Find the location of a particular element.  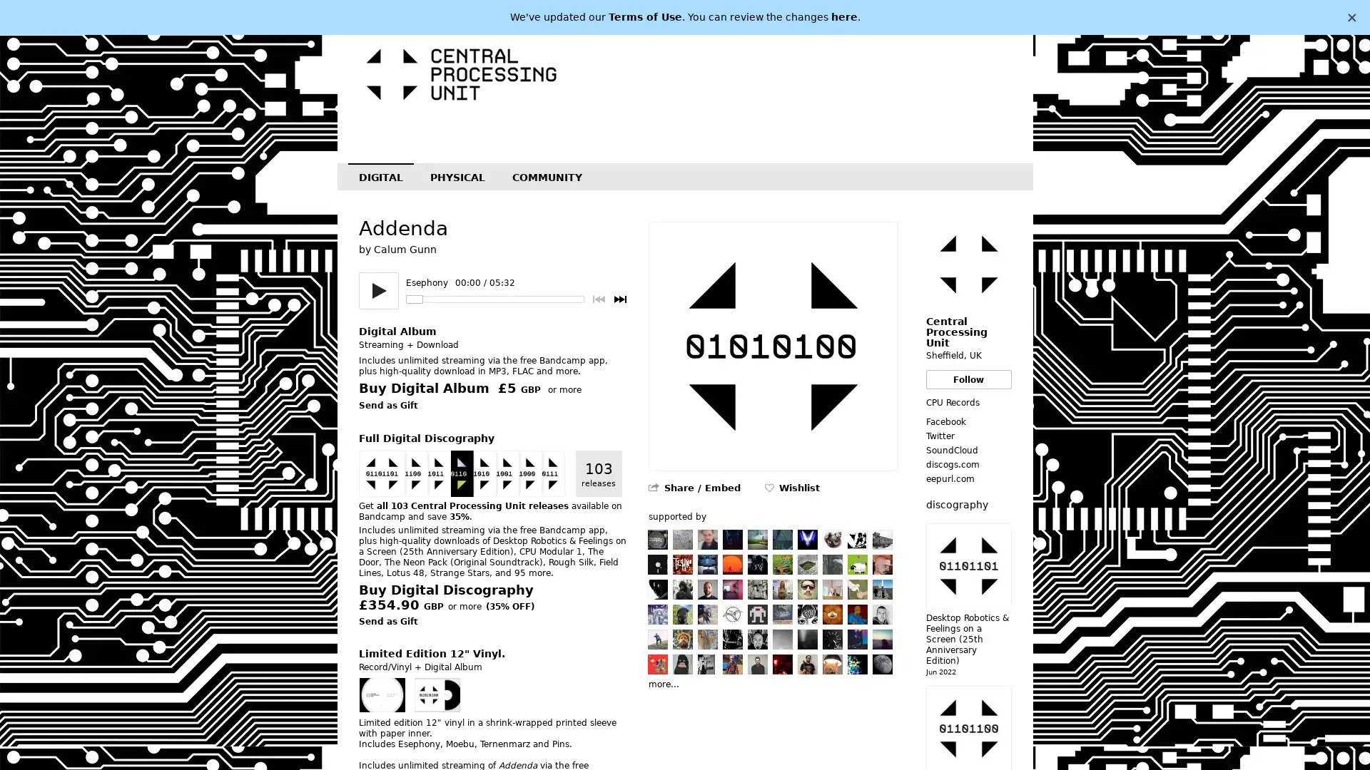

Buy Digital Album is located at coordinates (422, 388).